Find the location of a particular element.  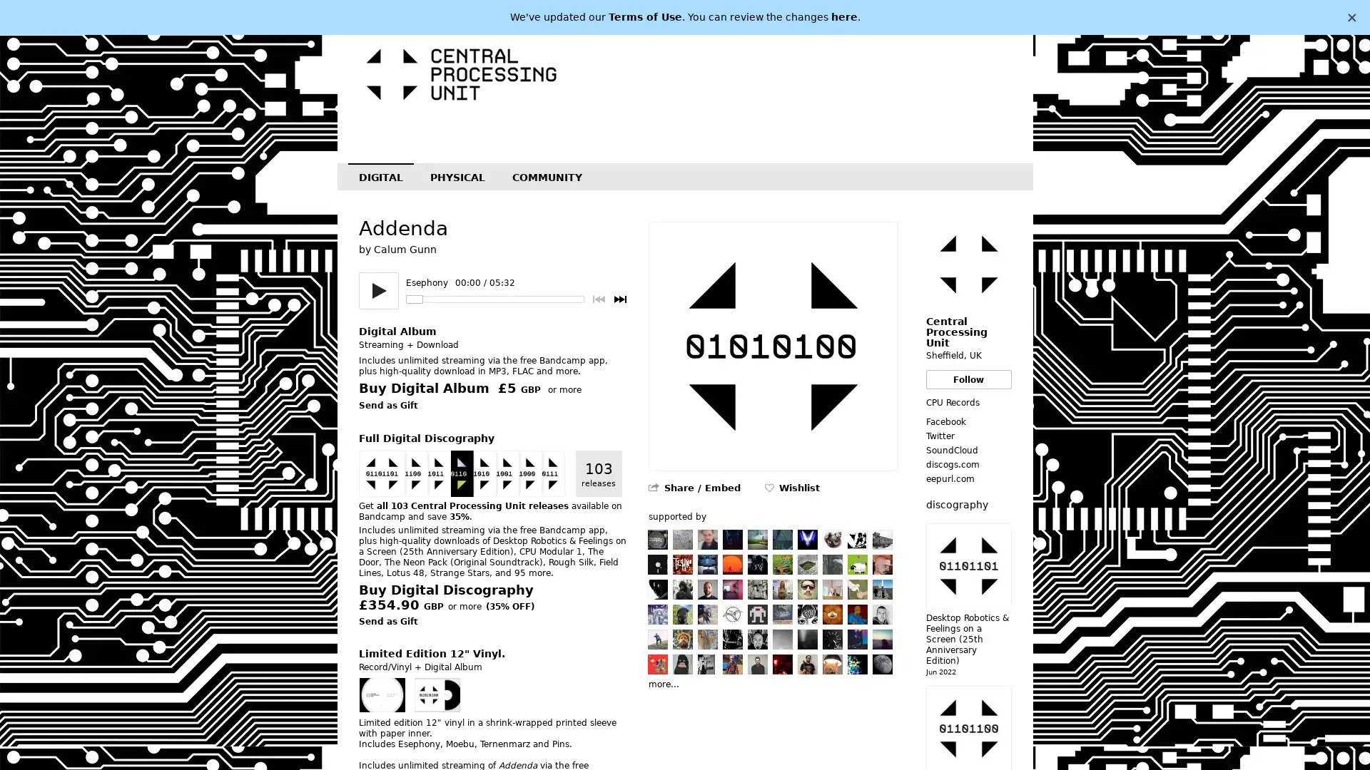

Buy Digital Album is located at coordinates (422, 388).